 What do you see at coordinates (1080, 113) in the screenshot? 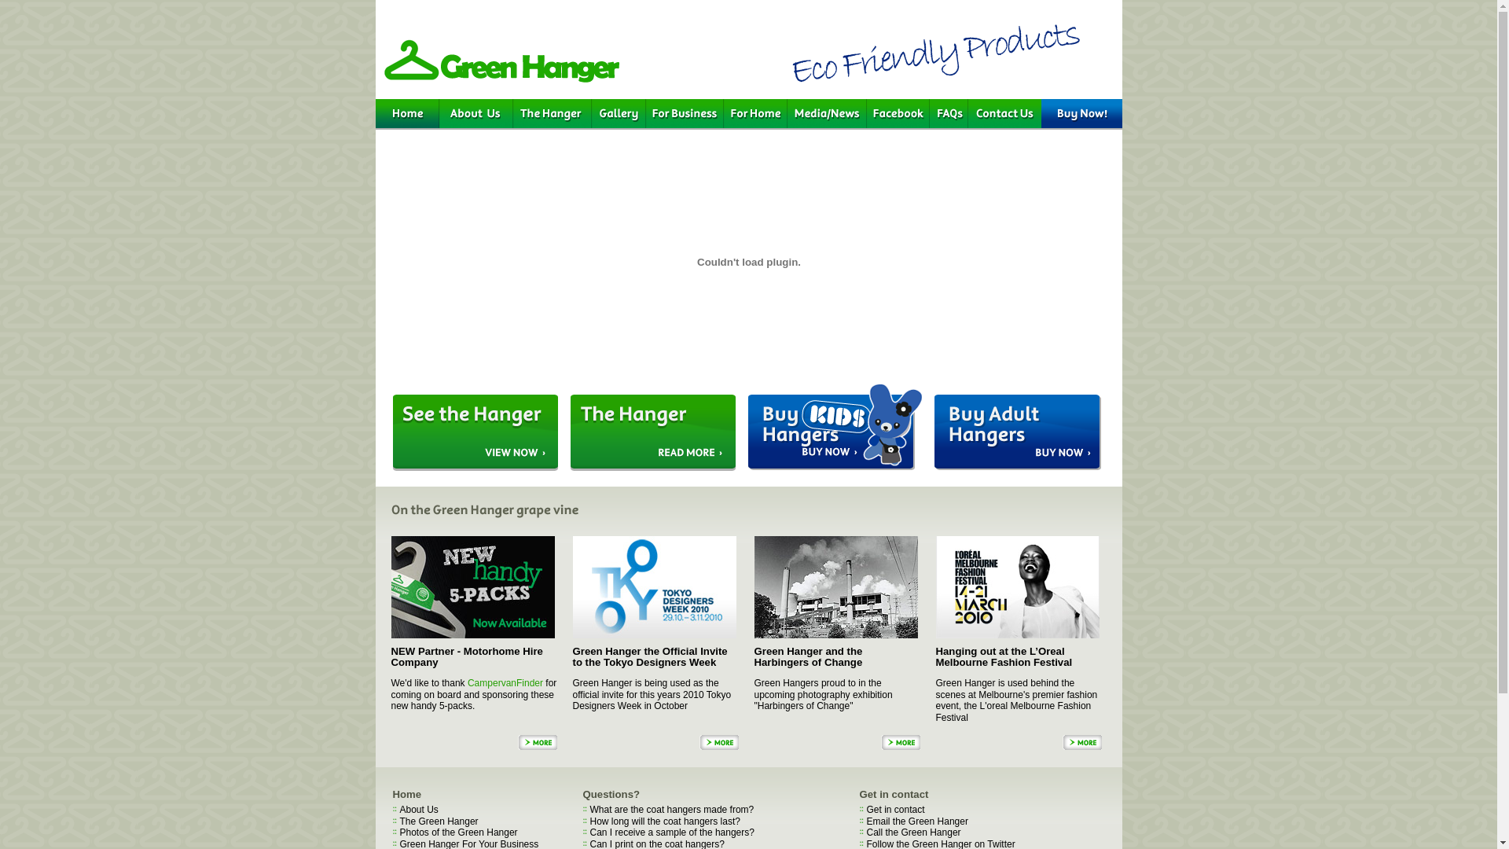
I see `'Buy Now'` at bounding box center [1080, 113].